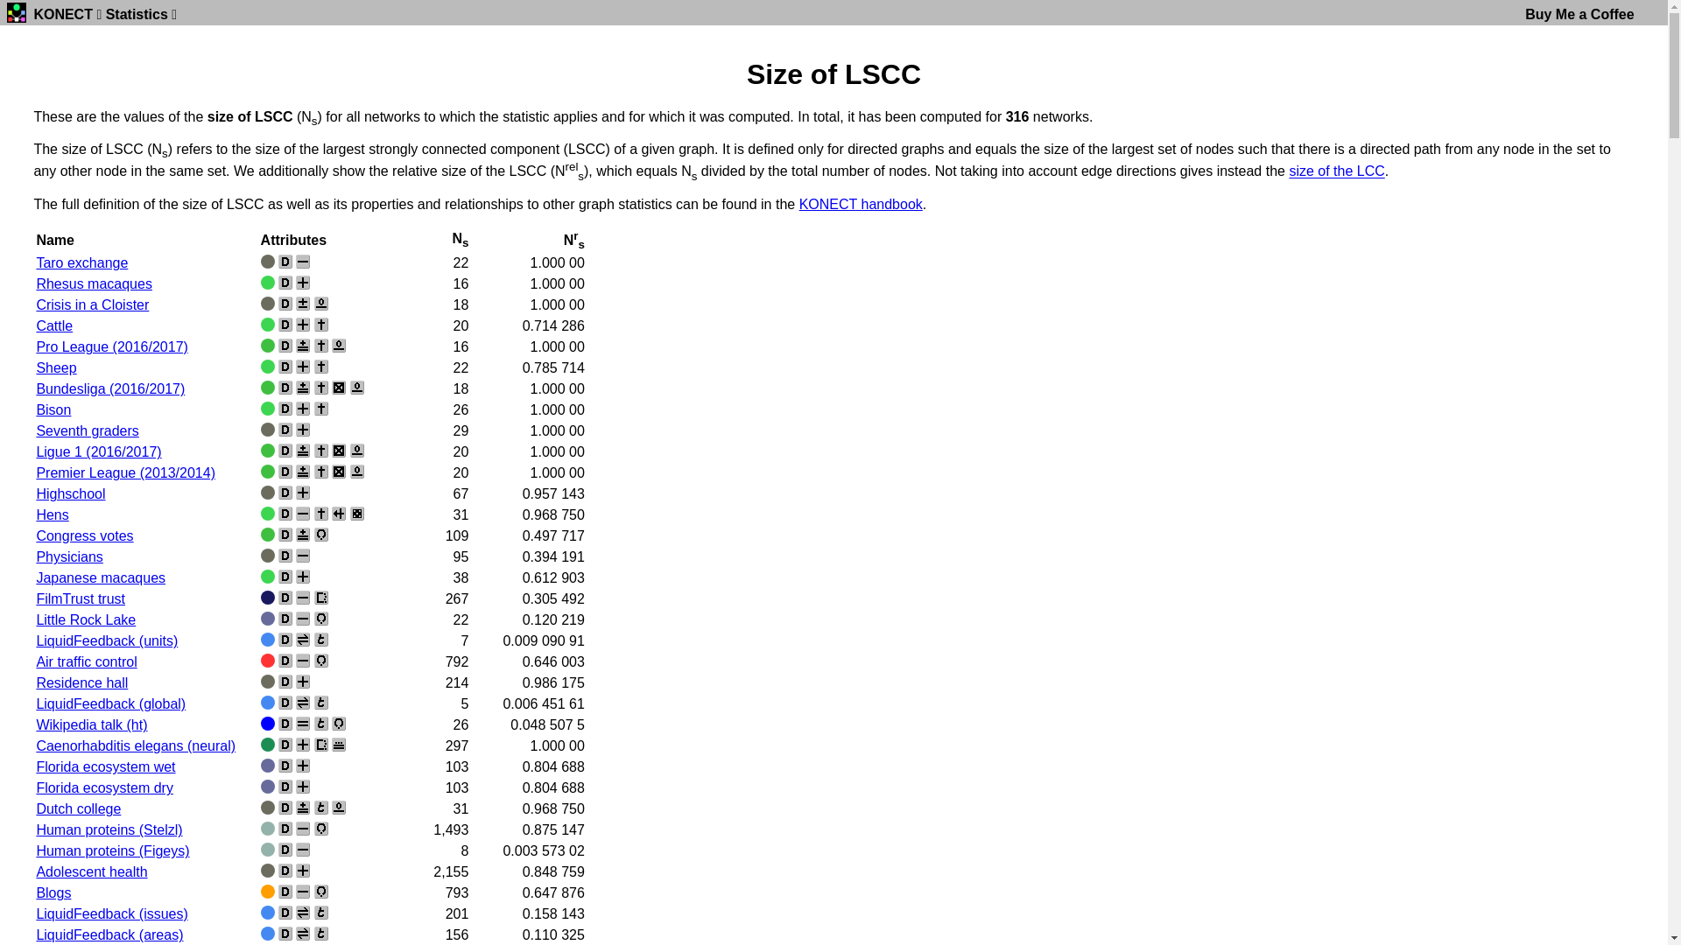 The image size is (1681, 945). Describe the element at coordinates (267, 871) in the screenshot. I see `'Human social network'` at that location.